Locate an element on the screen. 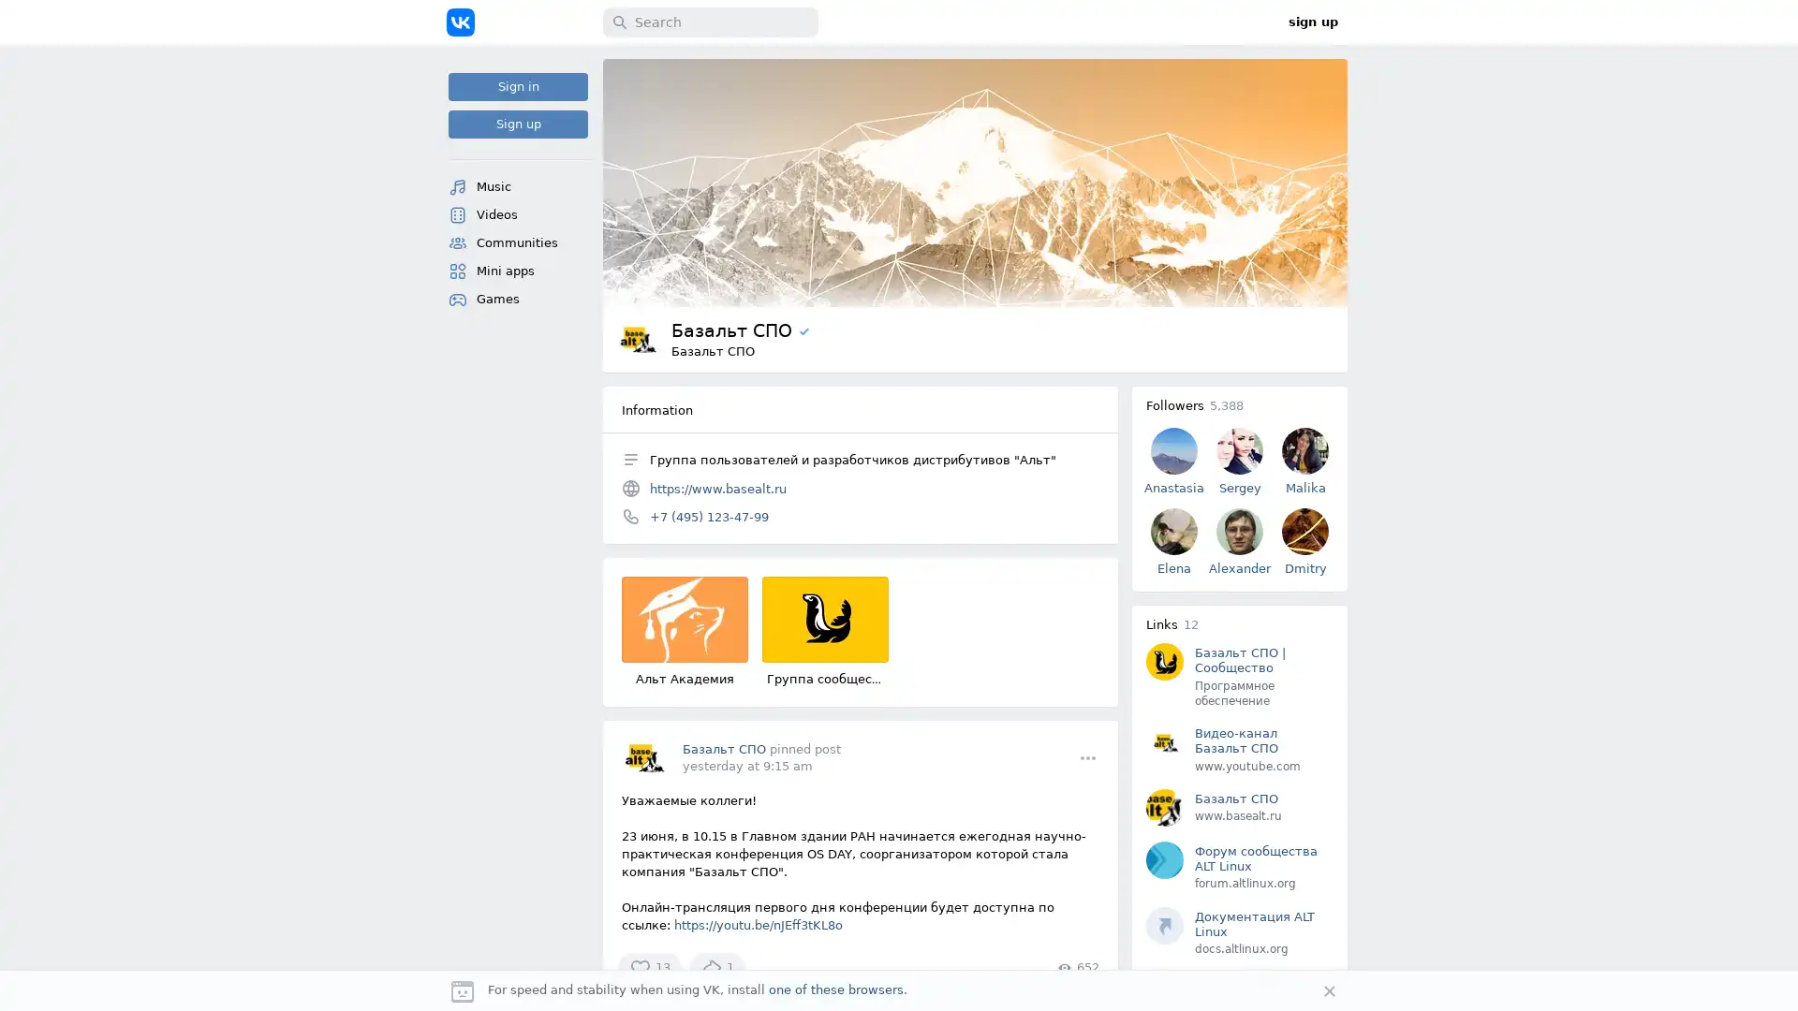 This screenshot has width=1798, height=1011. Close is located at coordinates (1329, 990).